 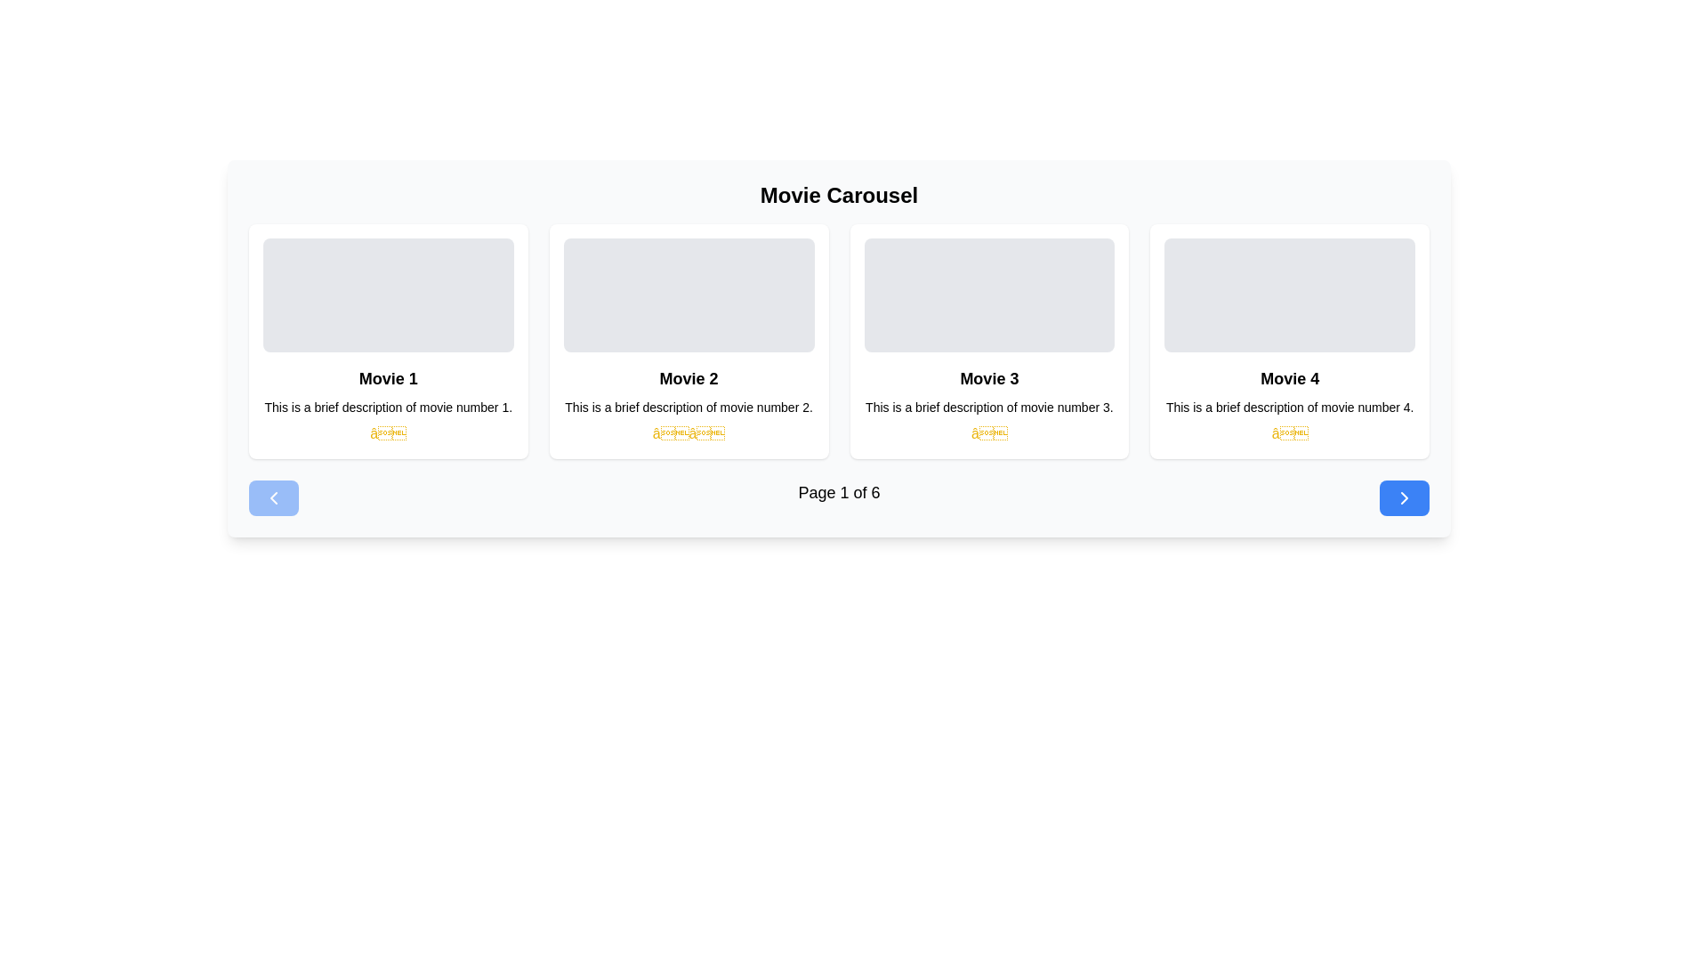 What do you see at coordinates (387, 434) in the screenshot?
I see `the star icon located at the bottom of the card for 'Movie 1'` at bounding box center [387, 434].